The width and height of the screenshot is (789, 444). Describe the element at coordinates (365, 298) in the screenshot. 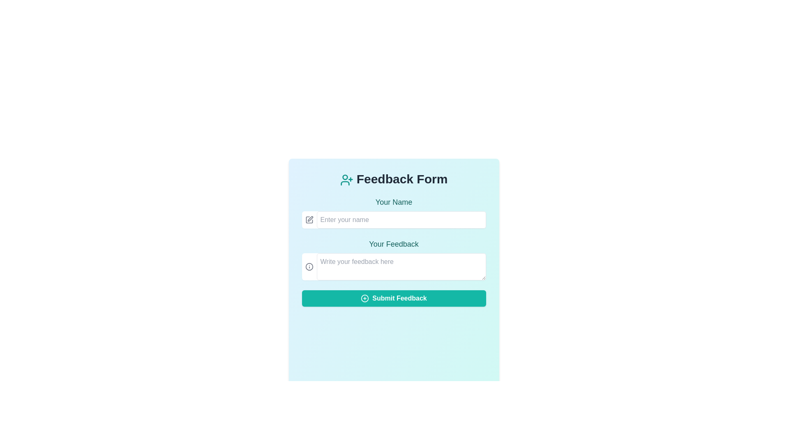

I see `the add or create icon located to the left of the 'Submit Feedback' text within the teal-colored button at the bottom of the feedback form` at that location.